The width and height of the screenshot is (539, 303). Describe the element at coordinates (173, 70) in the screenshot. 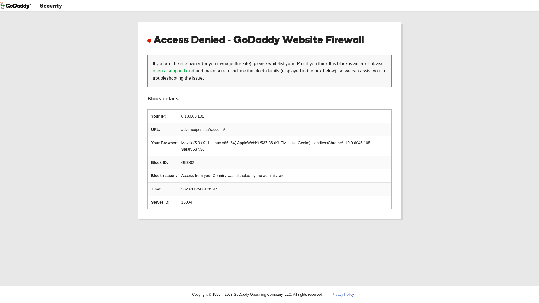

I see `'open a support ticket'` at that location.